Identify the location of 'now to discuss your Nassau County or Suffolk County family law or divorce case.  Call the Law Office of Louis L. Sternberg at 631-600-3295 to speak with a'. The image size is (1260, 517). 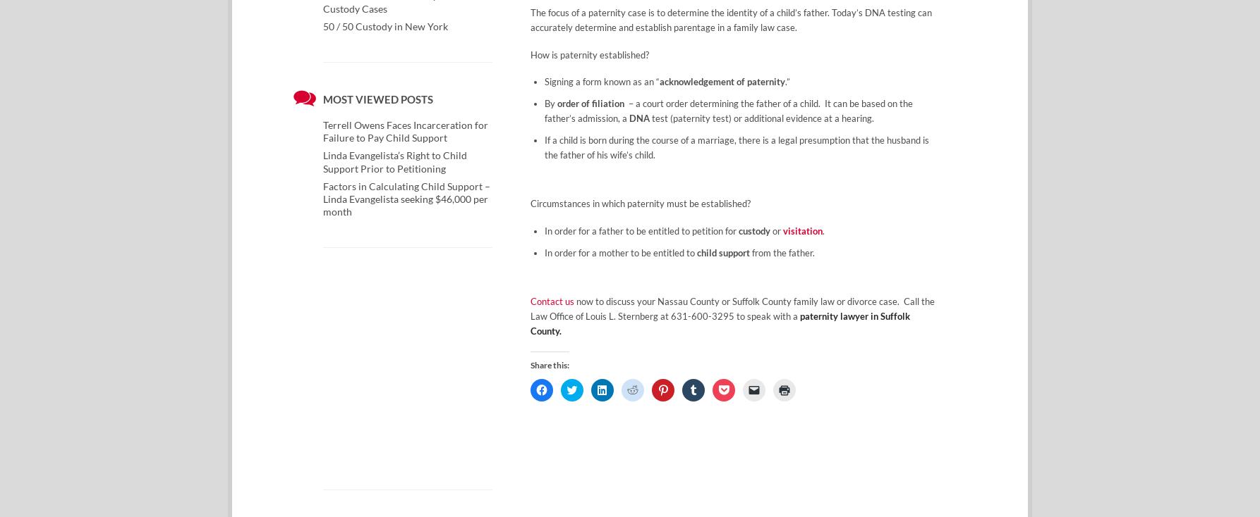
(530, 309).